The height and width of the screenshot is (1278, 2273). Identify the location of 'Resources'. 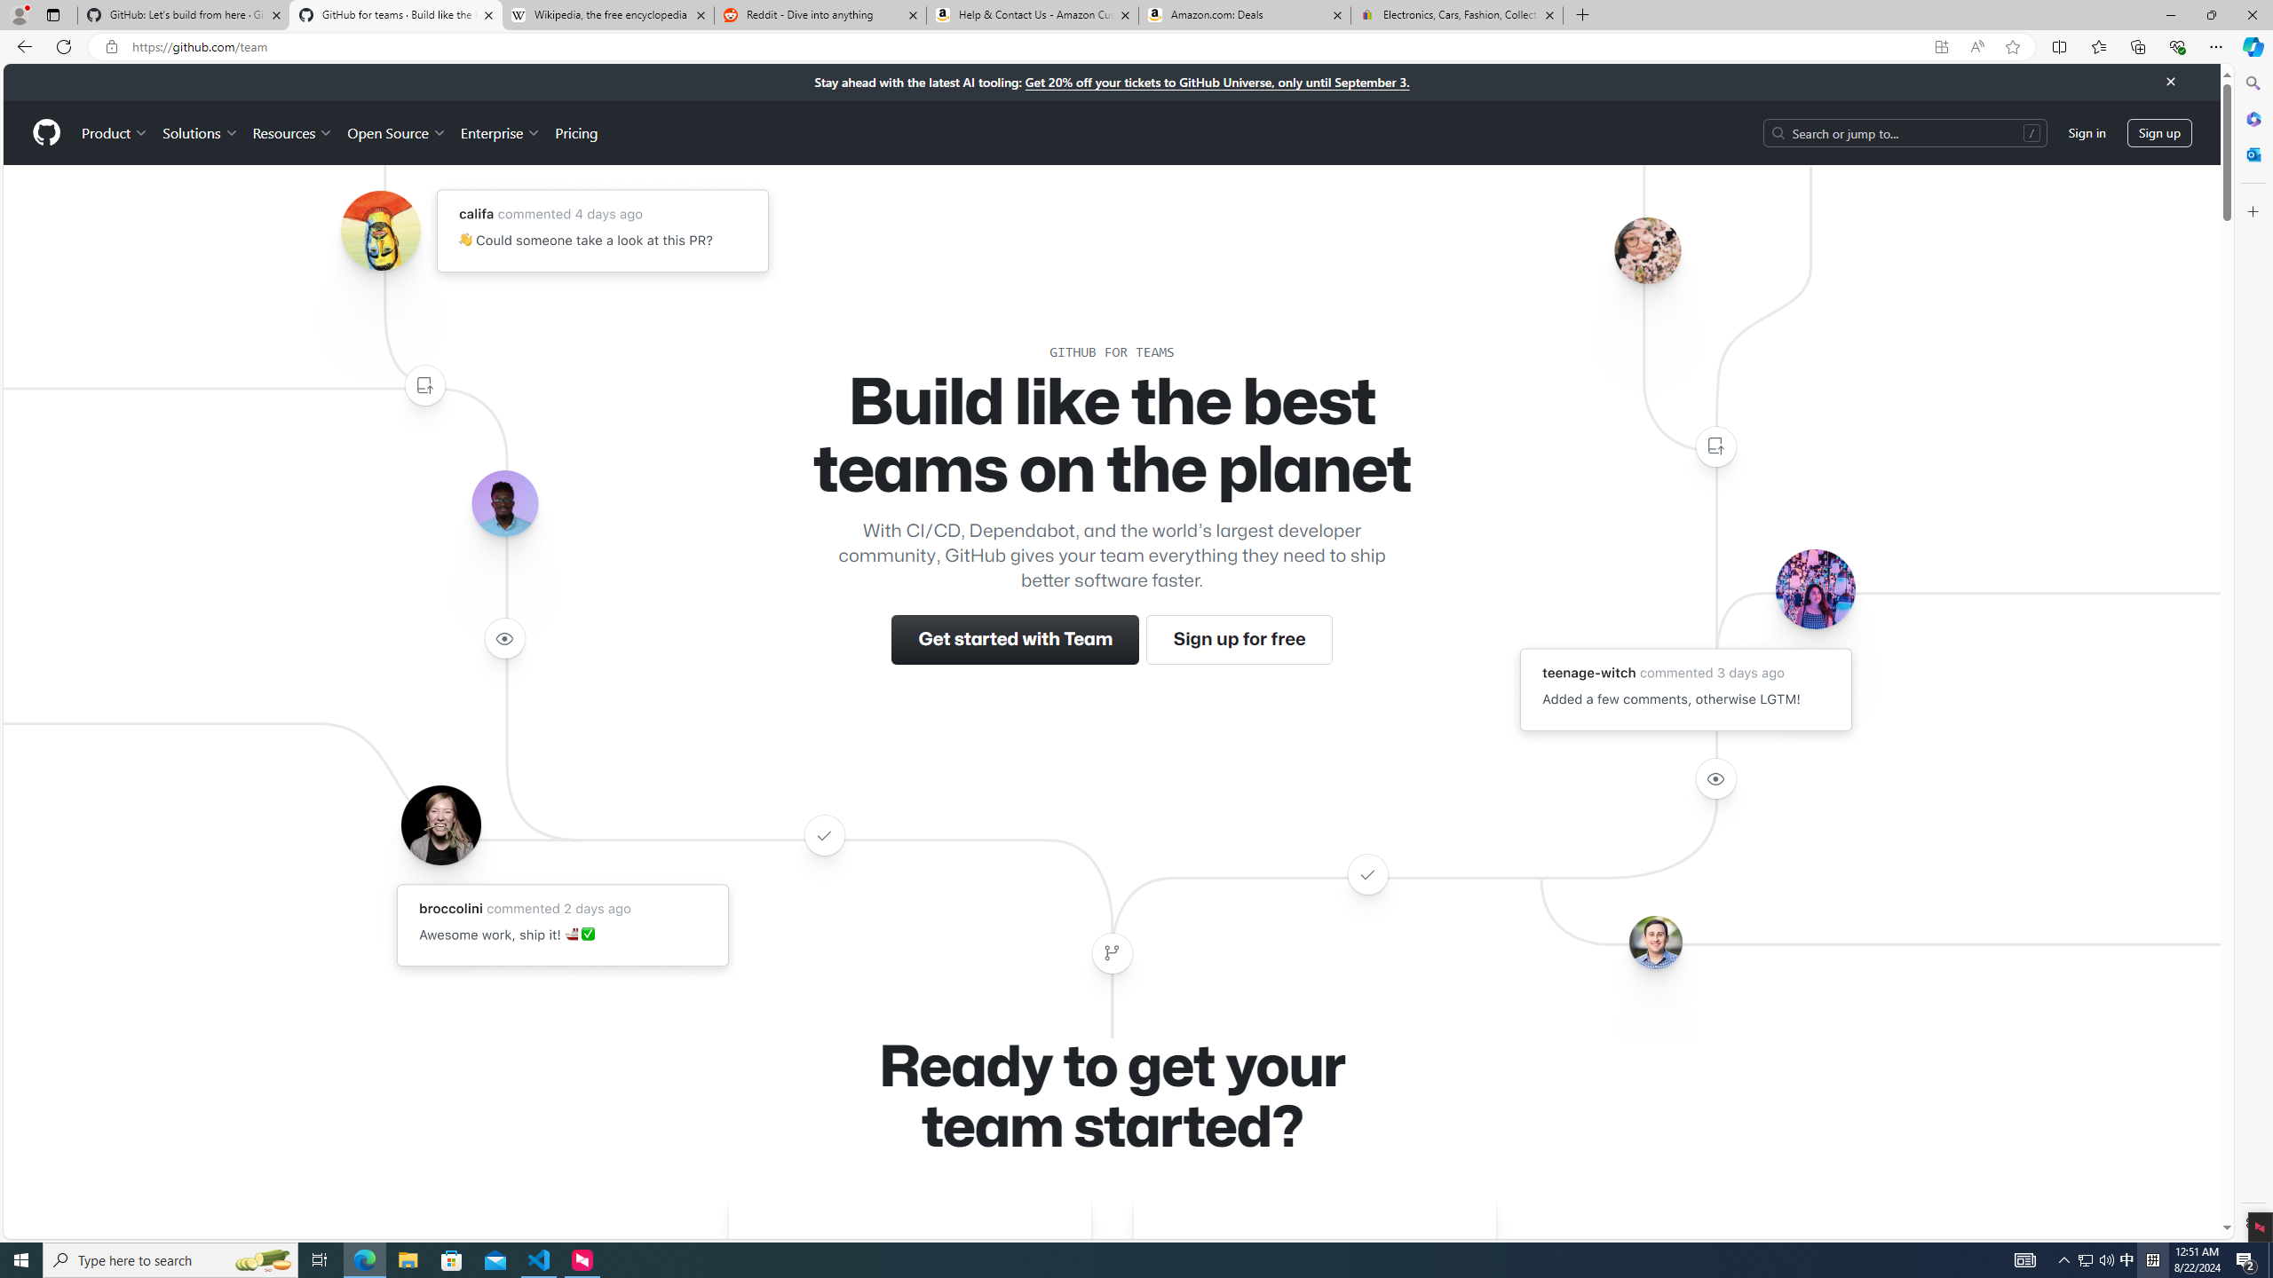
(293, 132).